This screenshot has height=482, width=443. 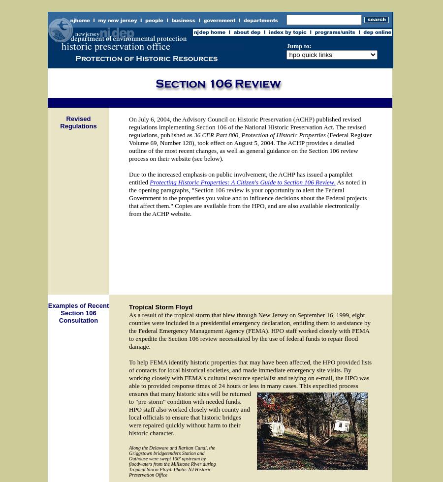 I want to click on 'Tropical Storm 
      Floyd', so click(x=160, y=307).